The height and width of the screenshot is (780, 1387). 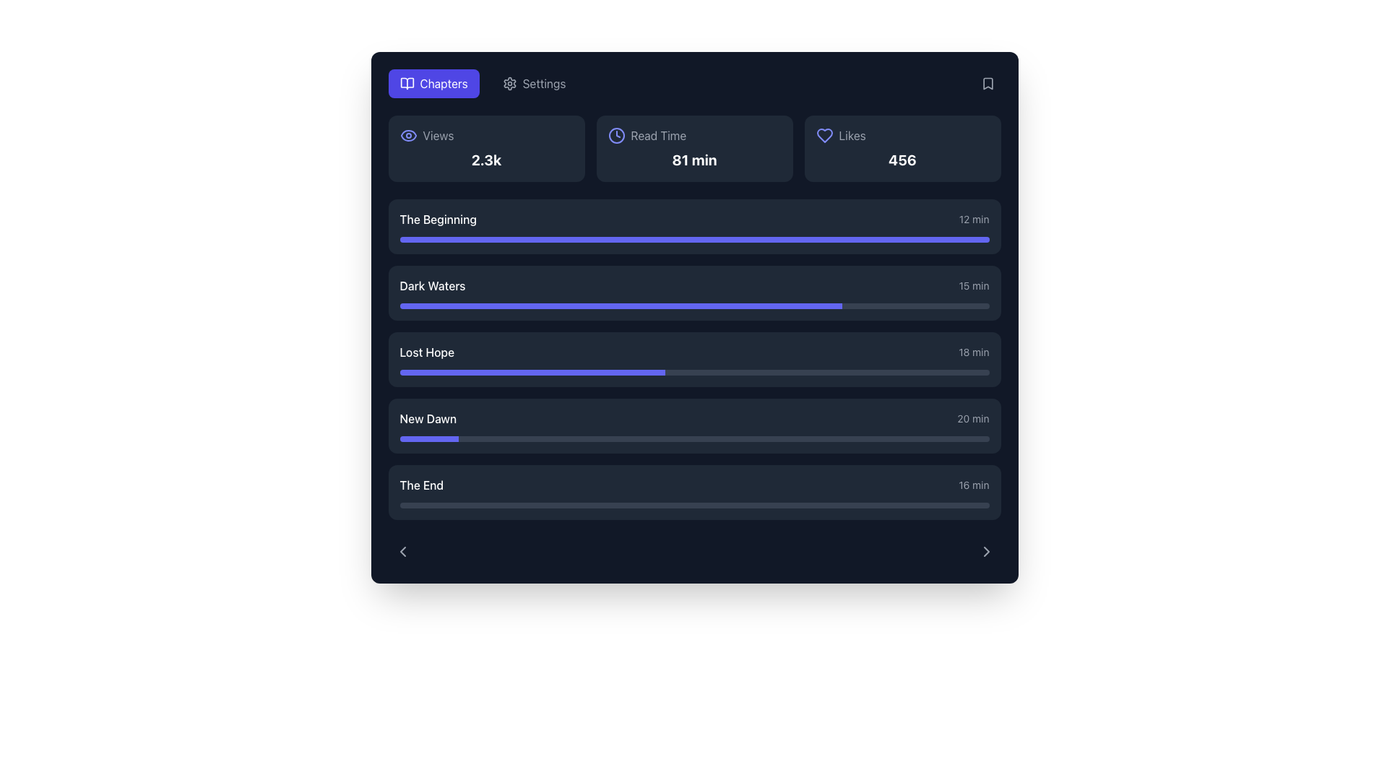 I want to click on displayed content from the Display card labeled 'Likes' which shows the number '456' prominently in white and bold font, so click(x=902, y=148).